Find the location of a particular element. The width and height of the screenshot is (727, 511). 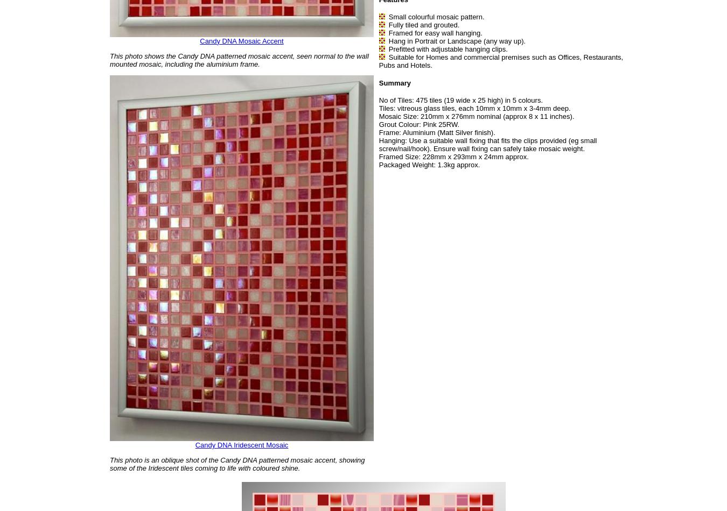

'Framed for easy wall hanging.' is located at coordinates (435, 33).